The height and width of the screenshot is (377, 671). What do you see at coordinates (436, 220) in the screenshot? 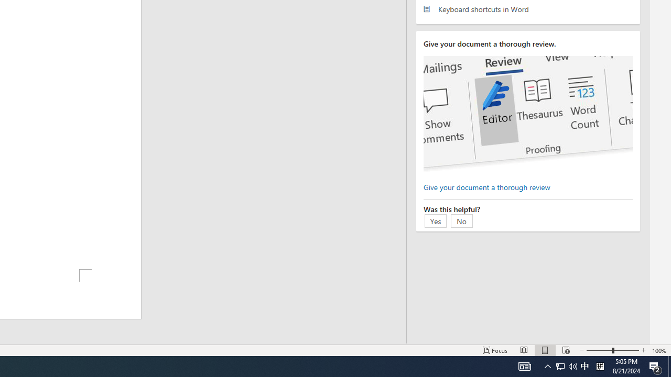
I see `'Yes'` at bounding box center [436, 220].